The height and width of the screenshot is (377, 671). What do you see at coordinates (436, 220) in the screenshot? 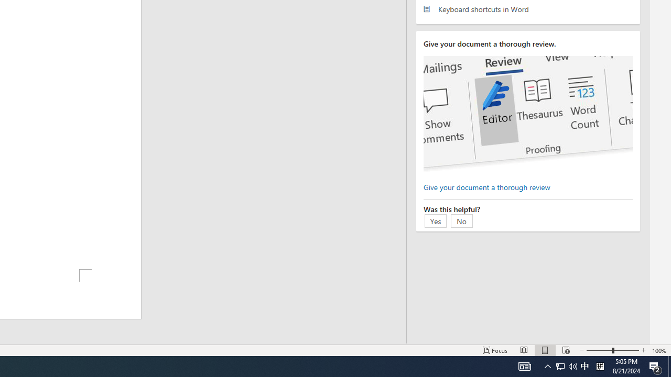
I see `'Yes'` at bounding box center [436, 220].